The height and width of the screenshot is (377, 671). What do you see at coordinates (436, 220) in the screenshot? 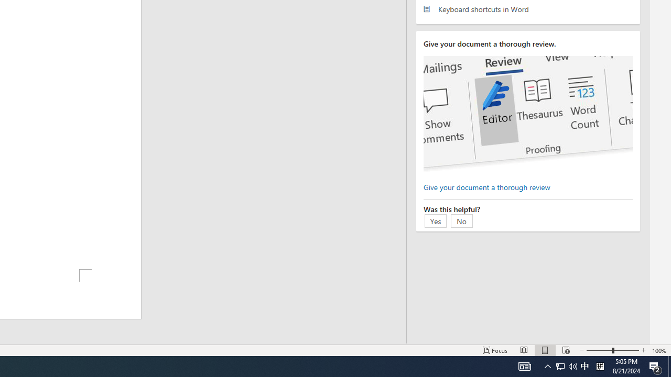
I see `'Yes'` at bounding box center [436, 220].